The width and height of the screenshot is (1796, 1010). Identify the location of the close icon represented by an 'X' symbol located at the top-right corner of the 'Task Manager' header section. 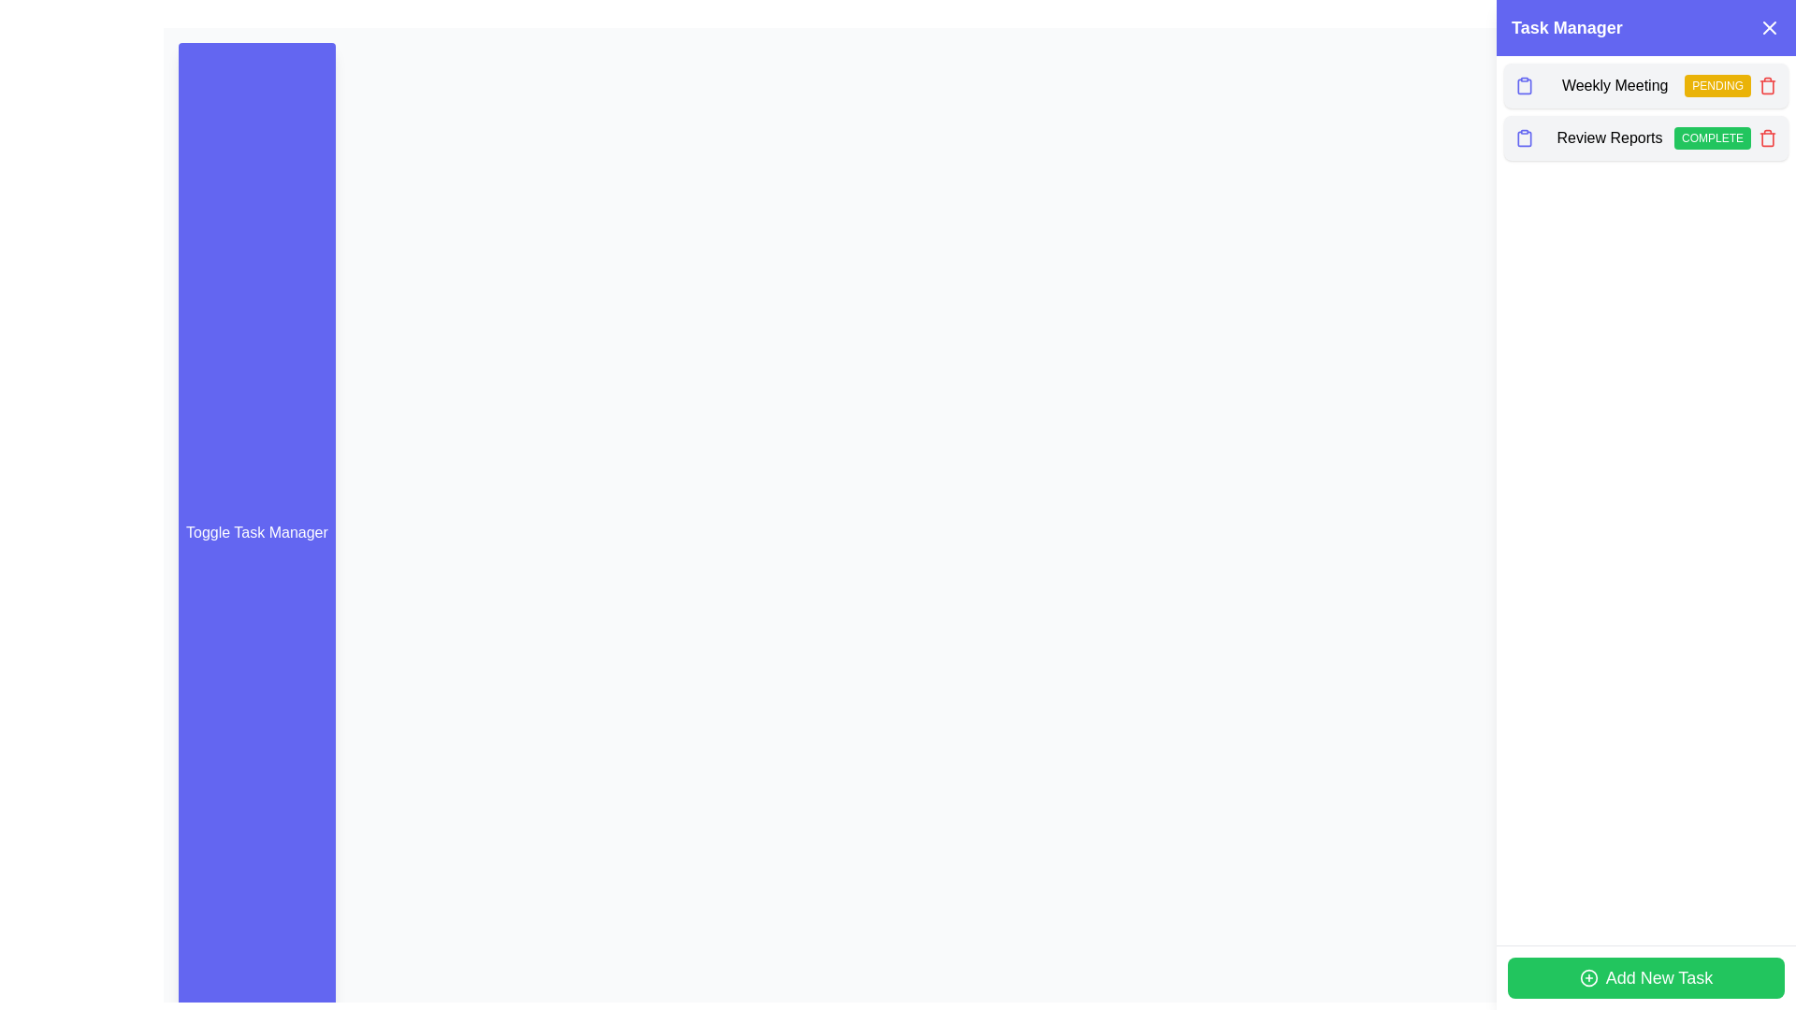
(1768, 28).